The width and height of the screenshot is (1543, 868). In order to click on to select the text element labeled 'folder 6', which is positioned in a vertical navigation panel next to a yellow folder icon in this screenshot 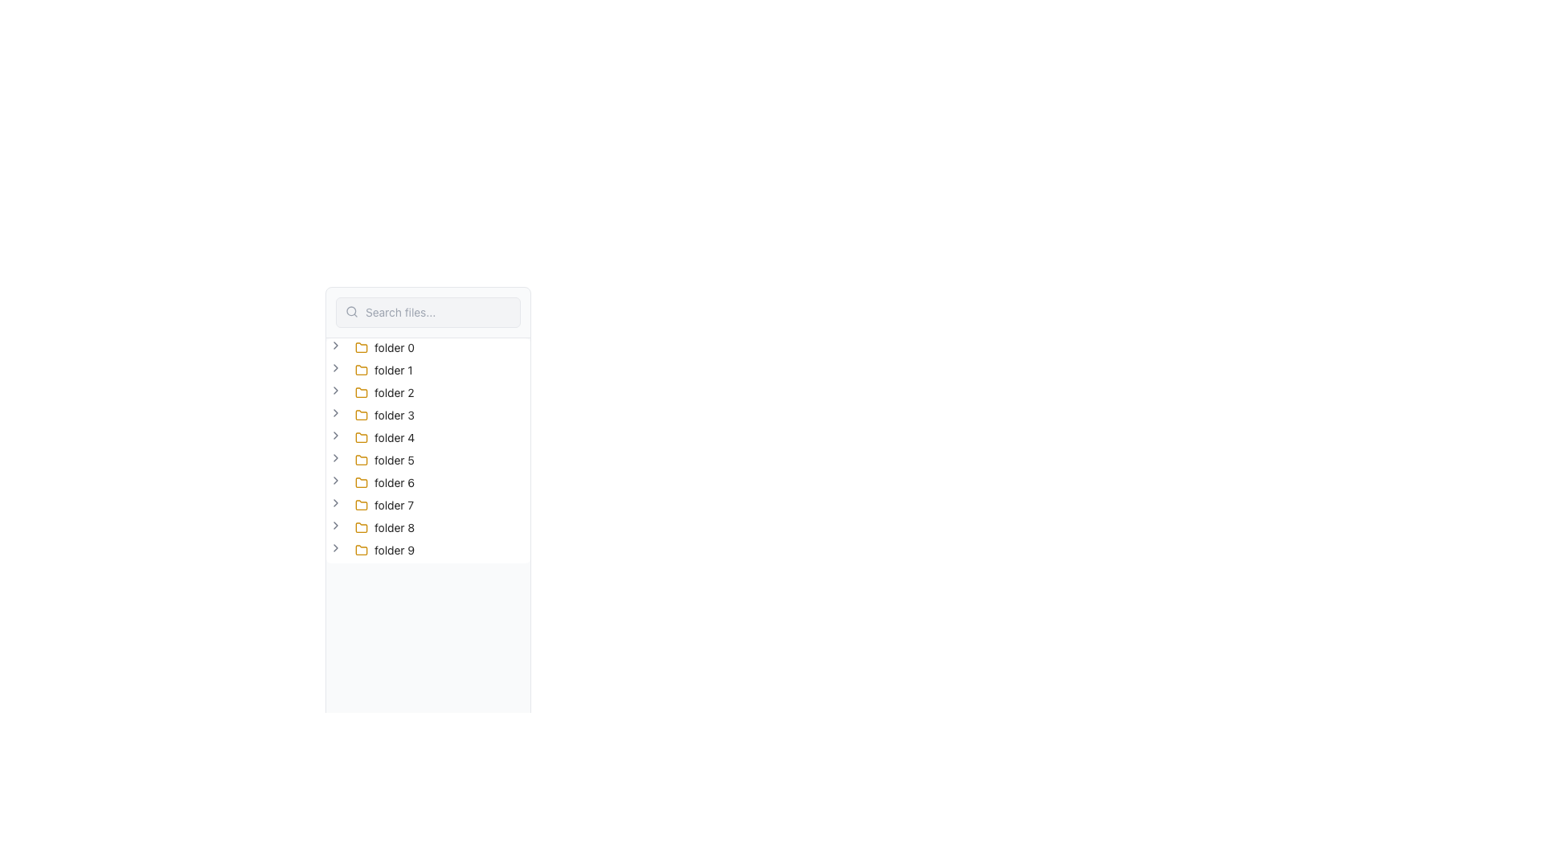, I will do `click(395, 482)`.